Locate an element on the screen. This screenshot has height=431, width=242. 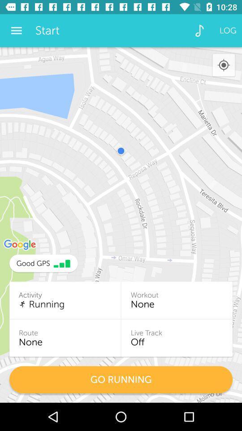
the go running item is located at coordinates (121, 379).